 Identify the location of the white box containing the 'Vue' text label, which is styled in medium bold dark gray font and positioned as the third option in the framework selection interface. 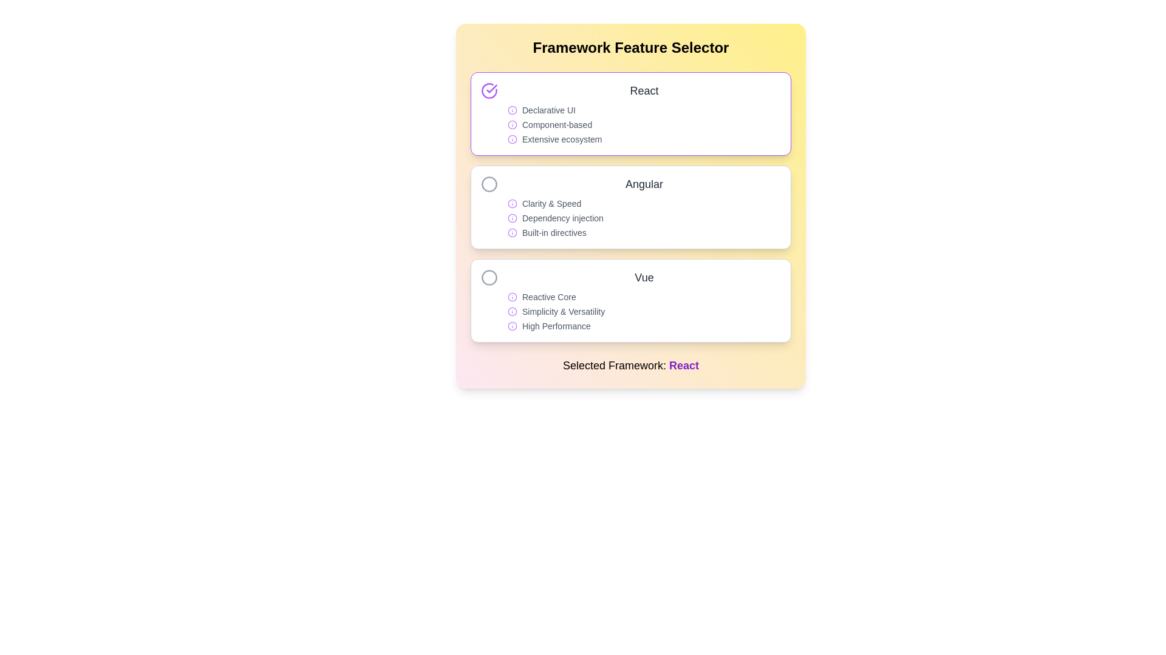
(643, 278).